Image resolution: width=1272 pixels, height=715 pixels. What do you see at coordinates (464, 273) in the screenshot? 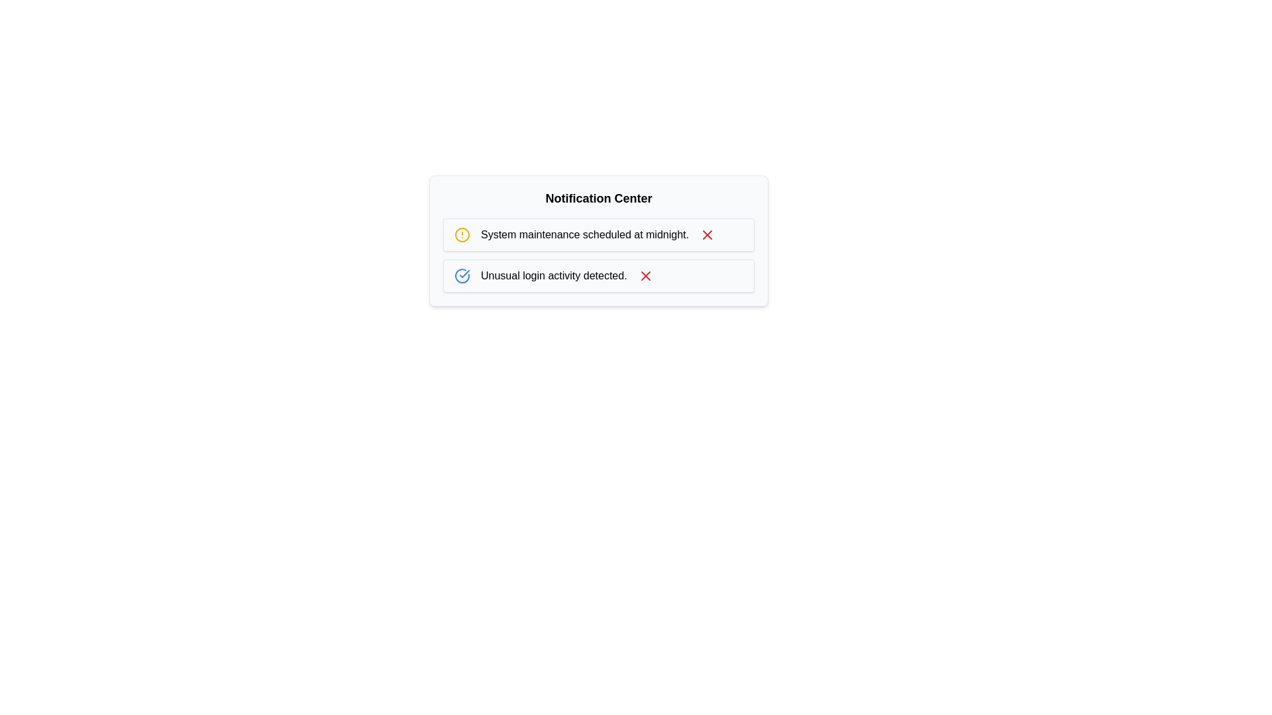
I see `the checkmark icon within the circular outline of the second notification entry in the Notification Center, which indicates a successful or completed action` at bounding box center [464, 273].